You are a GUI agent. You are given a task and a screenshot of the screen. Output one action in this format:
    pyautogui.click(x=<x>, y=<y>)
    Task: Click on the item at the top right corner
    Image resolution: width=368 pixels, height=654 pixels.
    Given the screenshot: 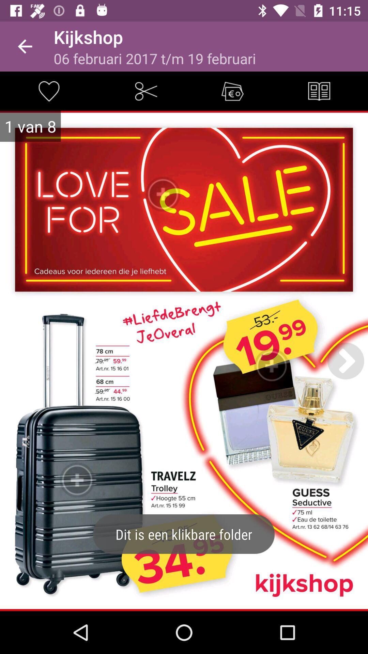 What is the action you would take?
    pyautogui.click(x=319, y=91)
    